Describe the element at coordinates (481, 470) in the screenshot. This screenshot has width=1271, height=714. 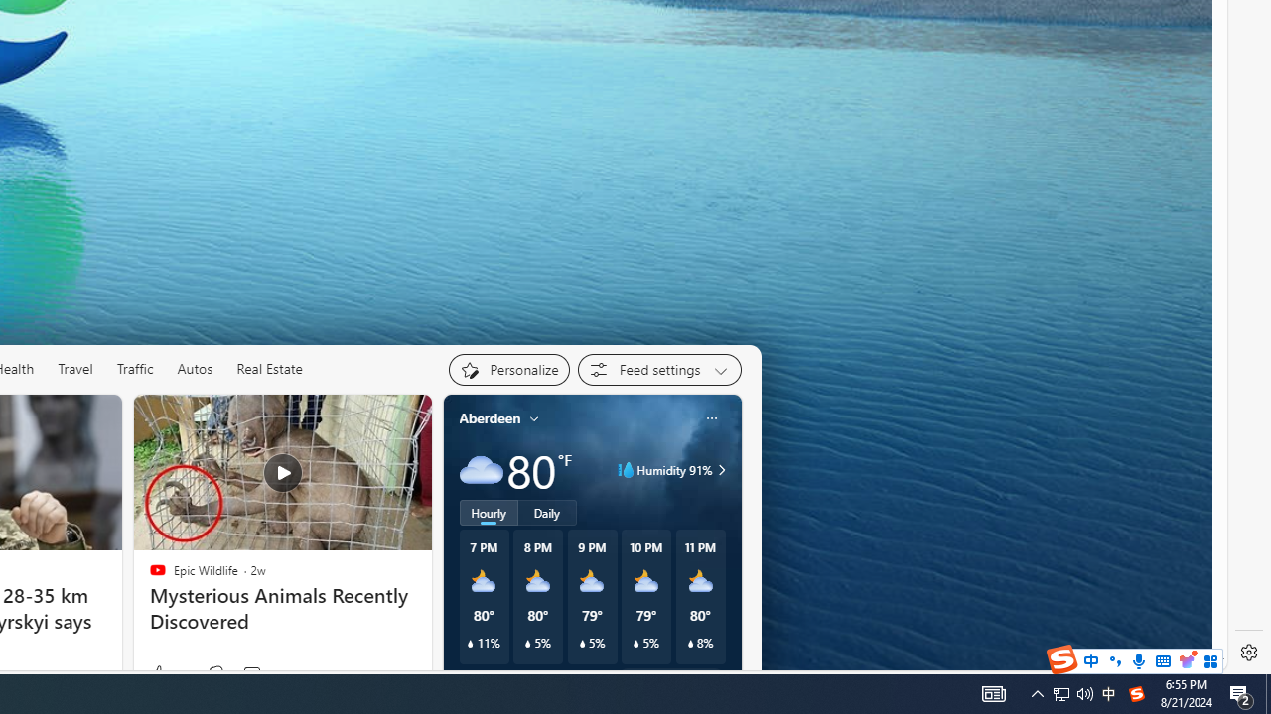
I see `'Cloudy'` at that location.